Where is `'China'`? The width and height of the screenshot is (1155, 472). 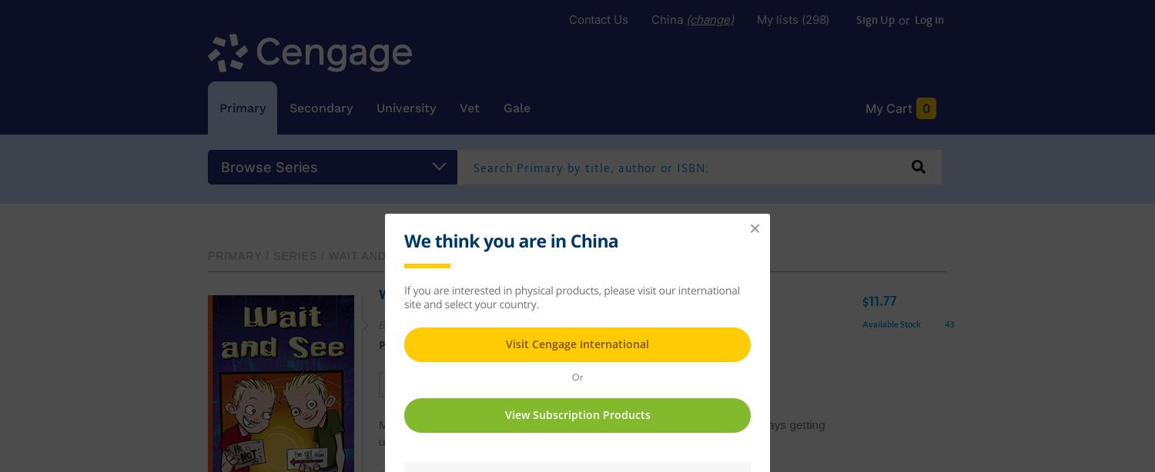
'China' is located at coordinates (668, 19).